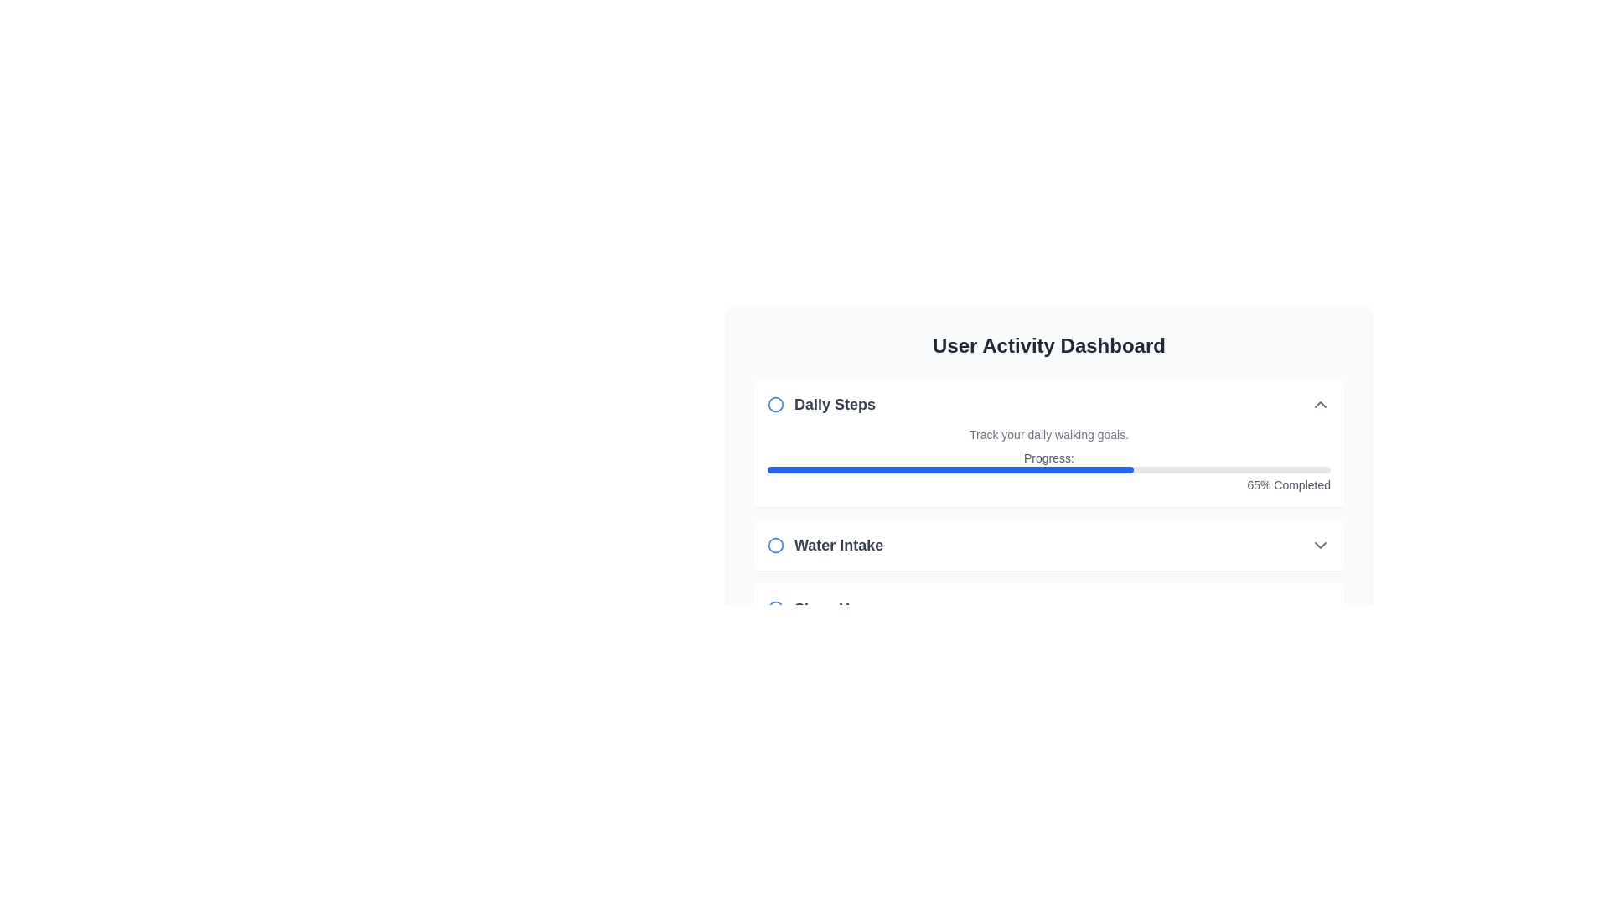  I want to click on the downward-facing chevron icon next to the 'Water Intake' text for accessibility navigation, so click(1319, 546).